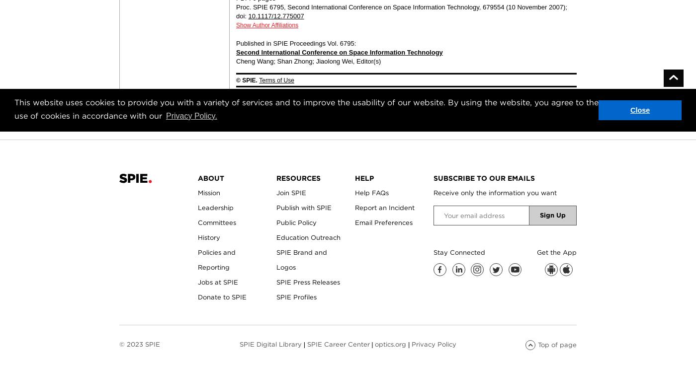 The height and width of the screenshot is (365, 696). I want to click on 'Email Preferences', so click(383, 222).